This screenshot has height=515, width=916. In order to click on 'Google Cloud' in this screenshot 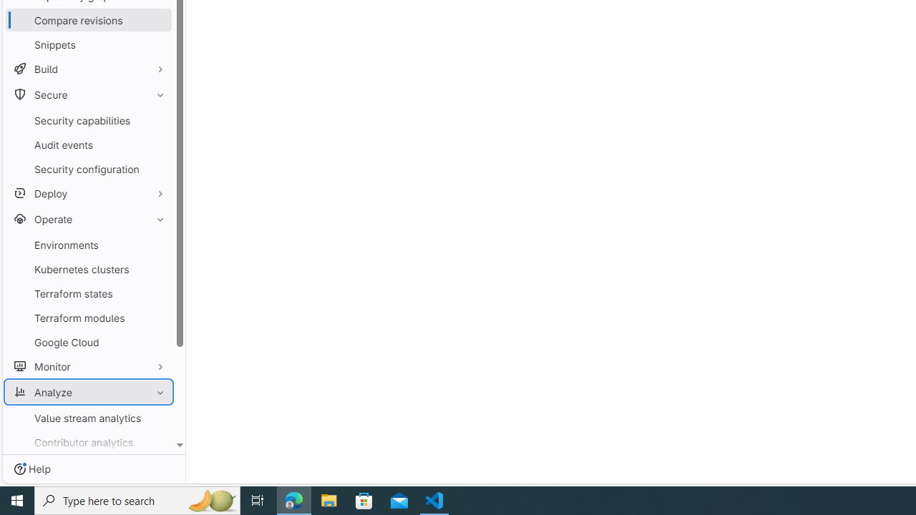, I will do `click(88, 342)`.